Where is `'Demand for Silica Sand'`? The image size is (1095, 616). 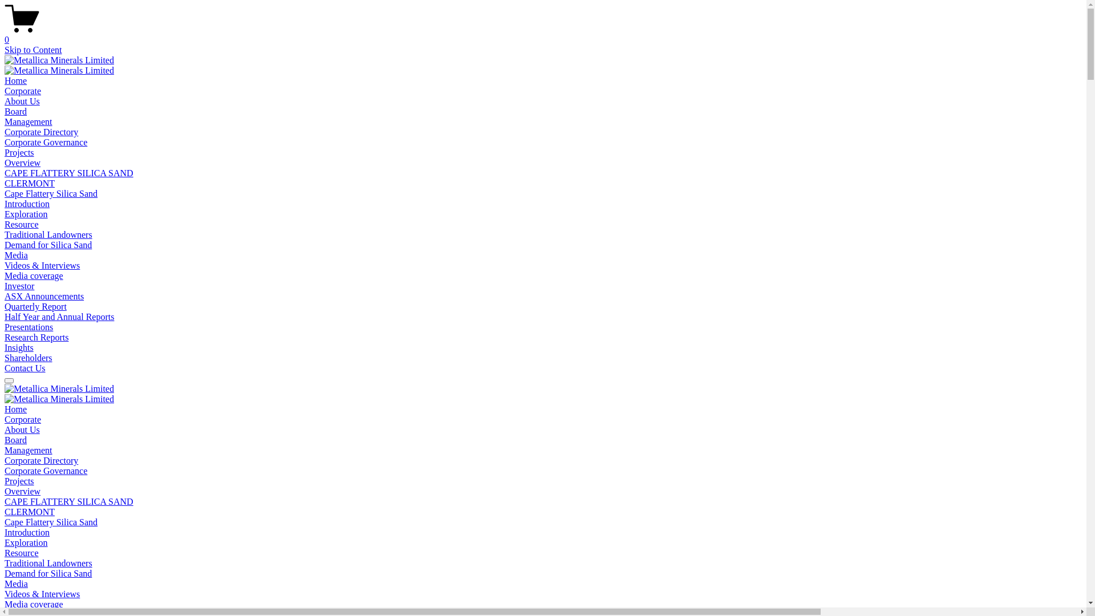
'Demand for Silica Sand' is located at coordinates (47, 573).